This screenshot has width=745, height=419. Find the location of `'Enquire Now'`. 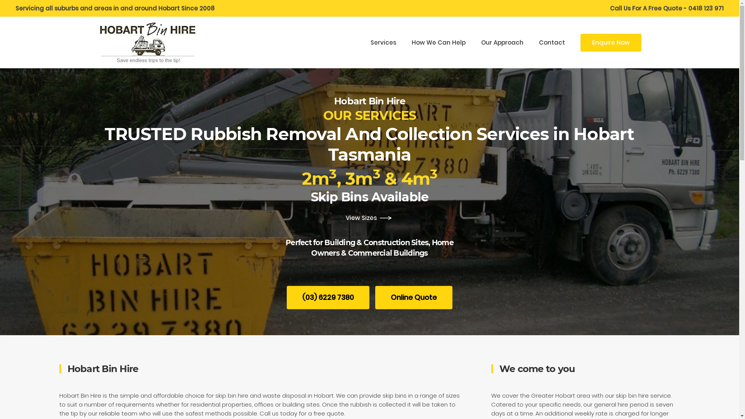

'Enquire Now' is located at coordinates (610, 43).